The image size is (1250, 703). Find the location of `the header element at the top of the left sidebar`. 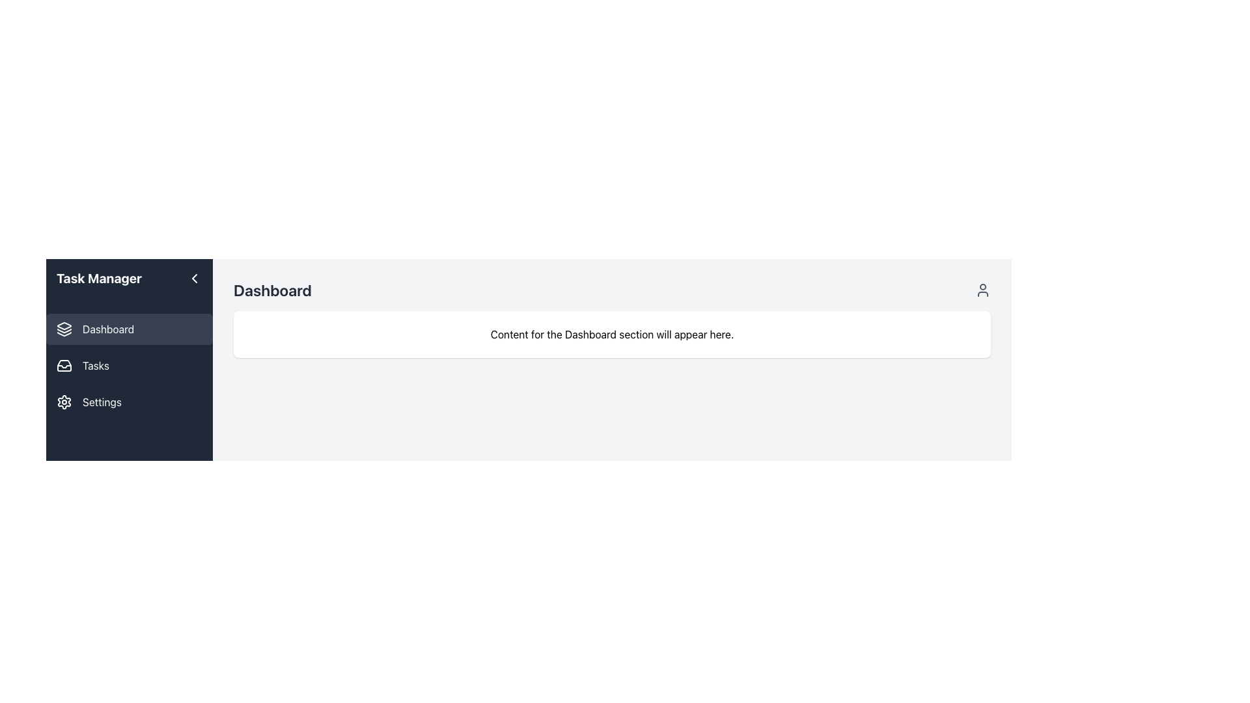

the header element at the top of the left sidebar is located at coordinates (129, 278).